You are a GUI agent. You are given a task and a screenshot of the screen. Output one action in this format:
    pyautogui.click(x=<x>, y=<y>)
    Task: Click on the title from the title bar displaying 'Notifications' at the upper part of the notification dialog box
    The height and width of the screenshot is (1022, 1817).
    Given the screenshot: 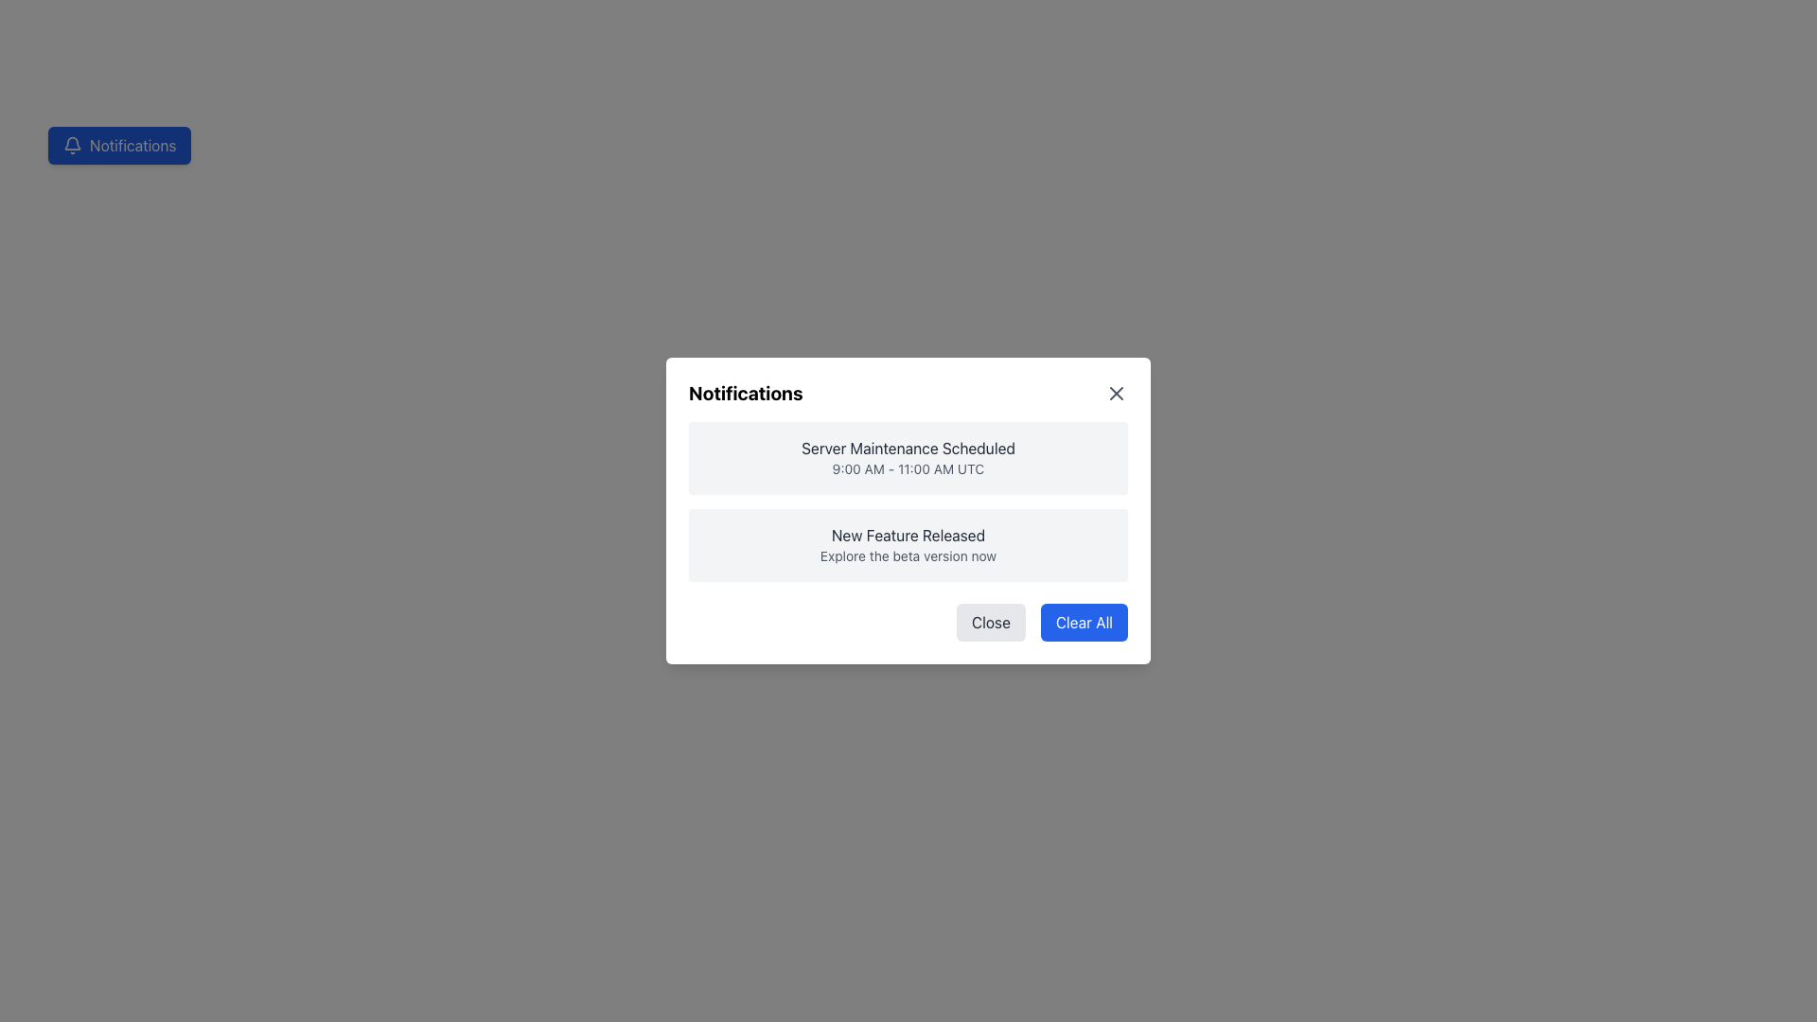 What is the action you would take?
    pyautogui.click(x=908, y=393)
    